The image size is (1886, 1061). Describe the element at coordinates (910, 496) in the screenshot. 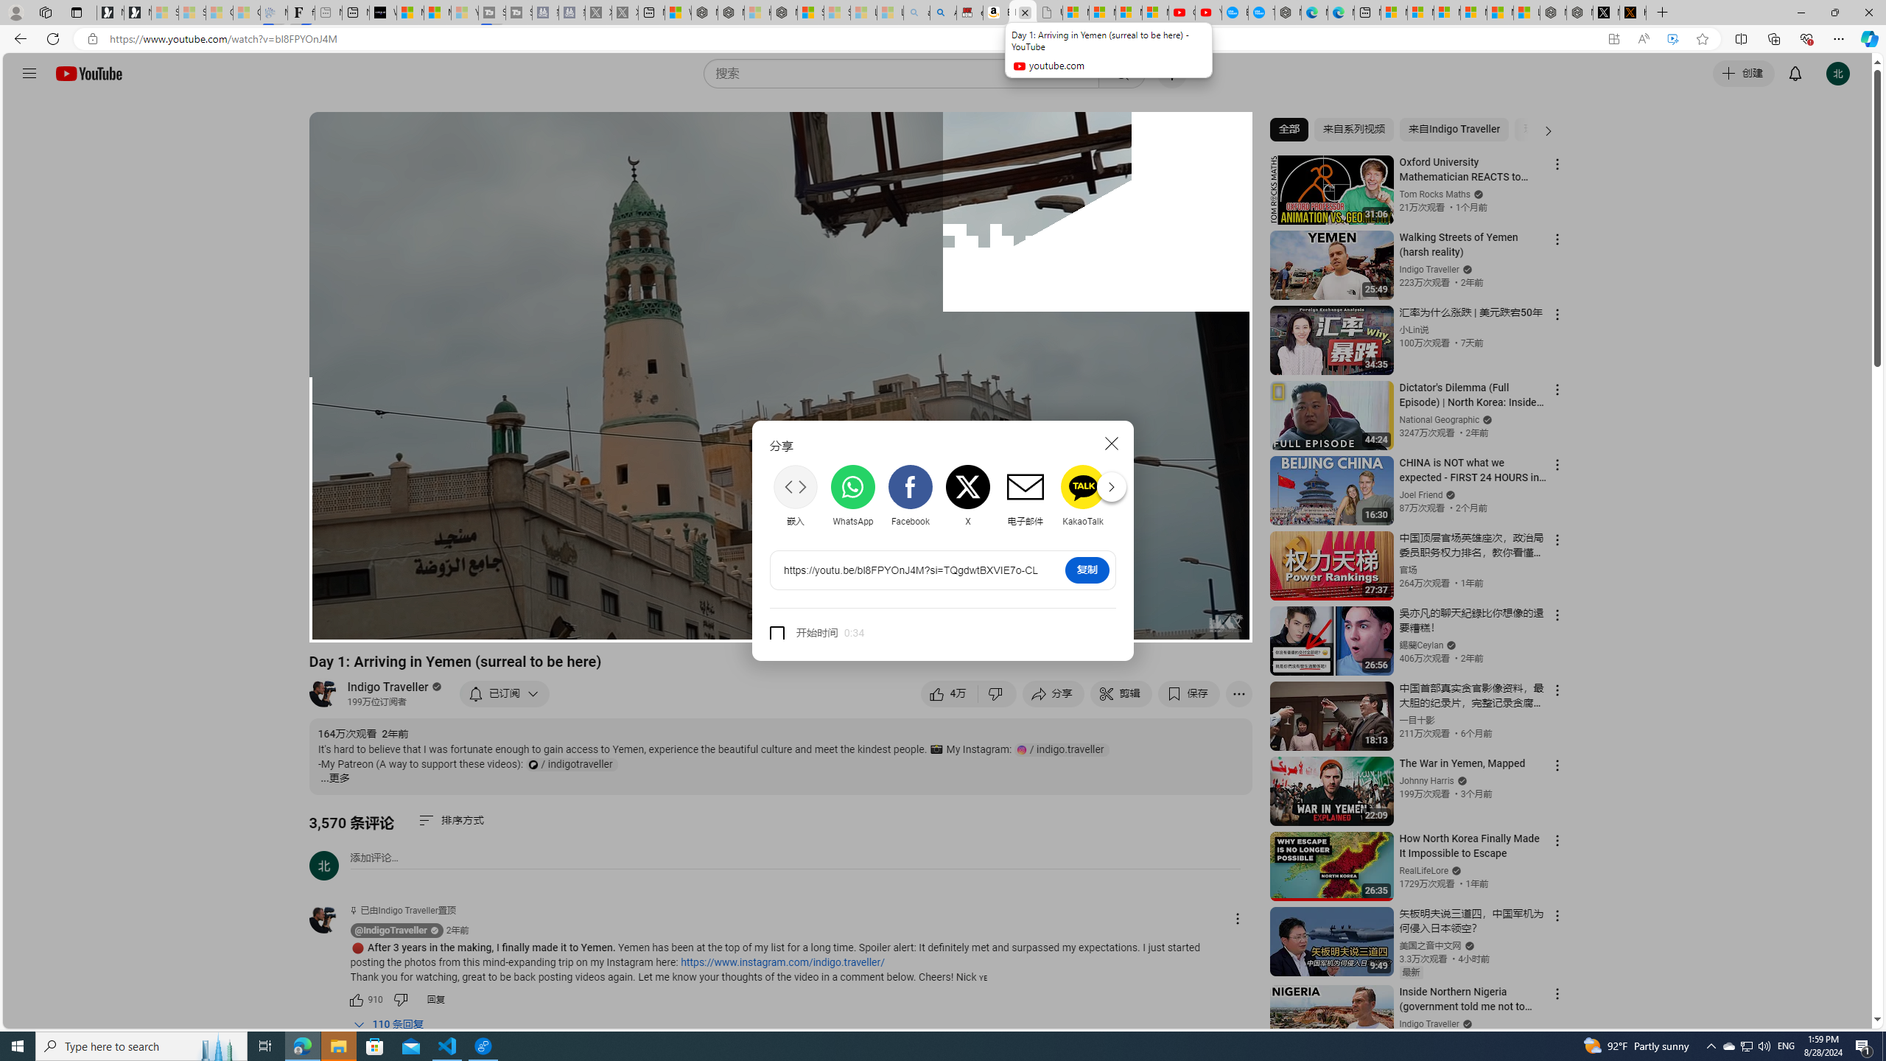

I see `'Facebook'` at that location.